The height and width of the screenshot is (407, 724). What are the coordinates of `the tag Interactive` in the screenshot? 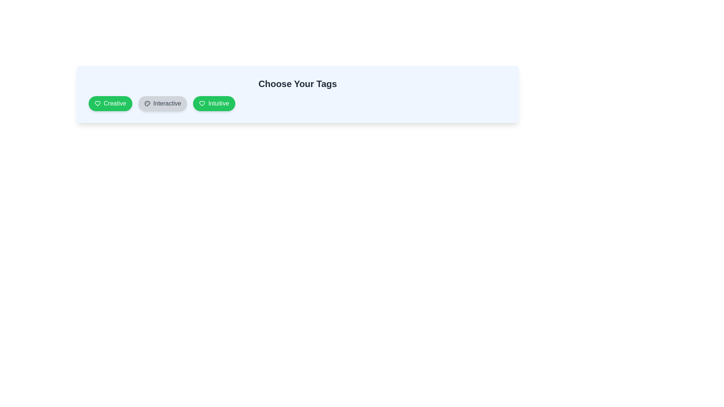 It's located at (162, 103).